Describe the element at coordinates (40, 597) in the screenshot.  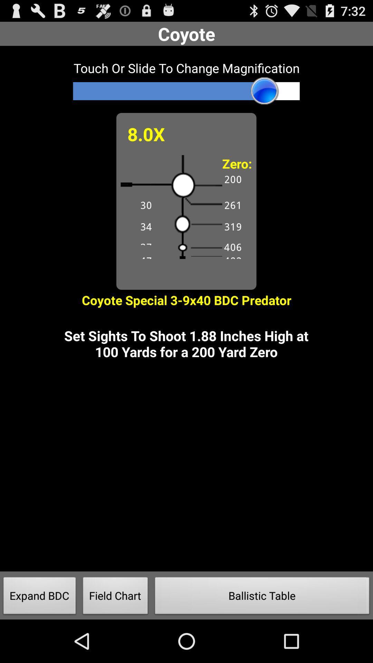
I see `expand bdc icon` at that location.